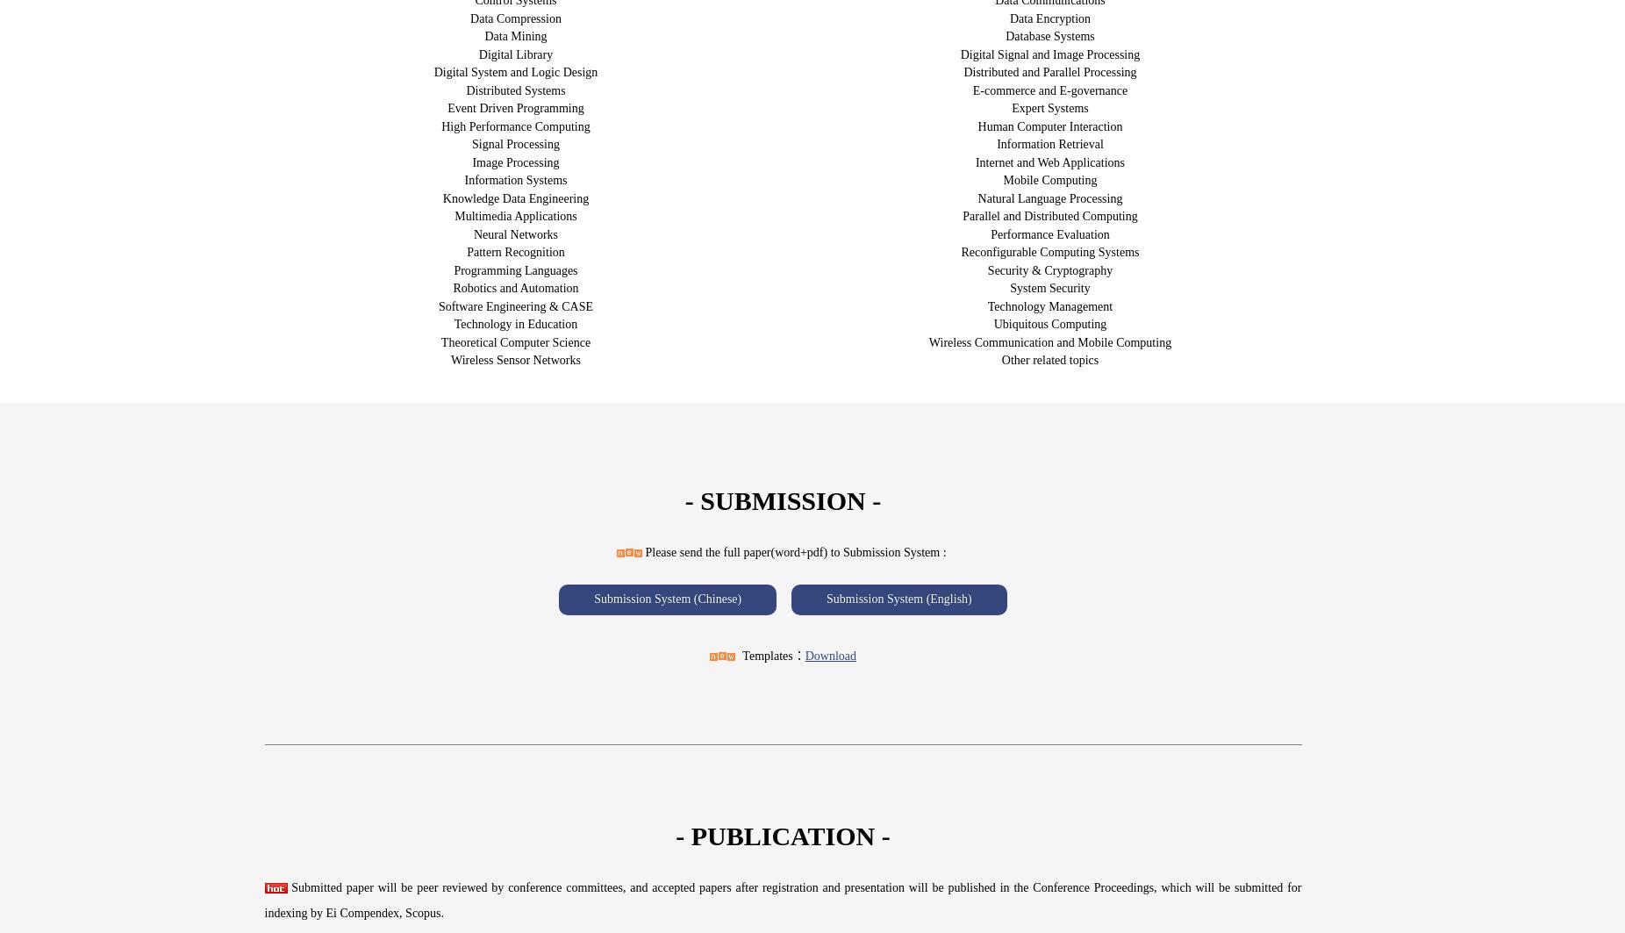  I want to click on 'Information Retrieval', so click(996, 144).